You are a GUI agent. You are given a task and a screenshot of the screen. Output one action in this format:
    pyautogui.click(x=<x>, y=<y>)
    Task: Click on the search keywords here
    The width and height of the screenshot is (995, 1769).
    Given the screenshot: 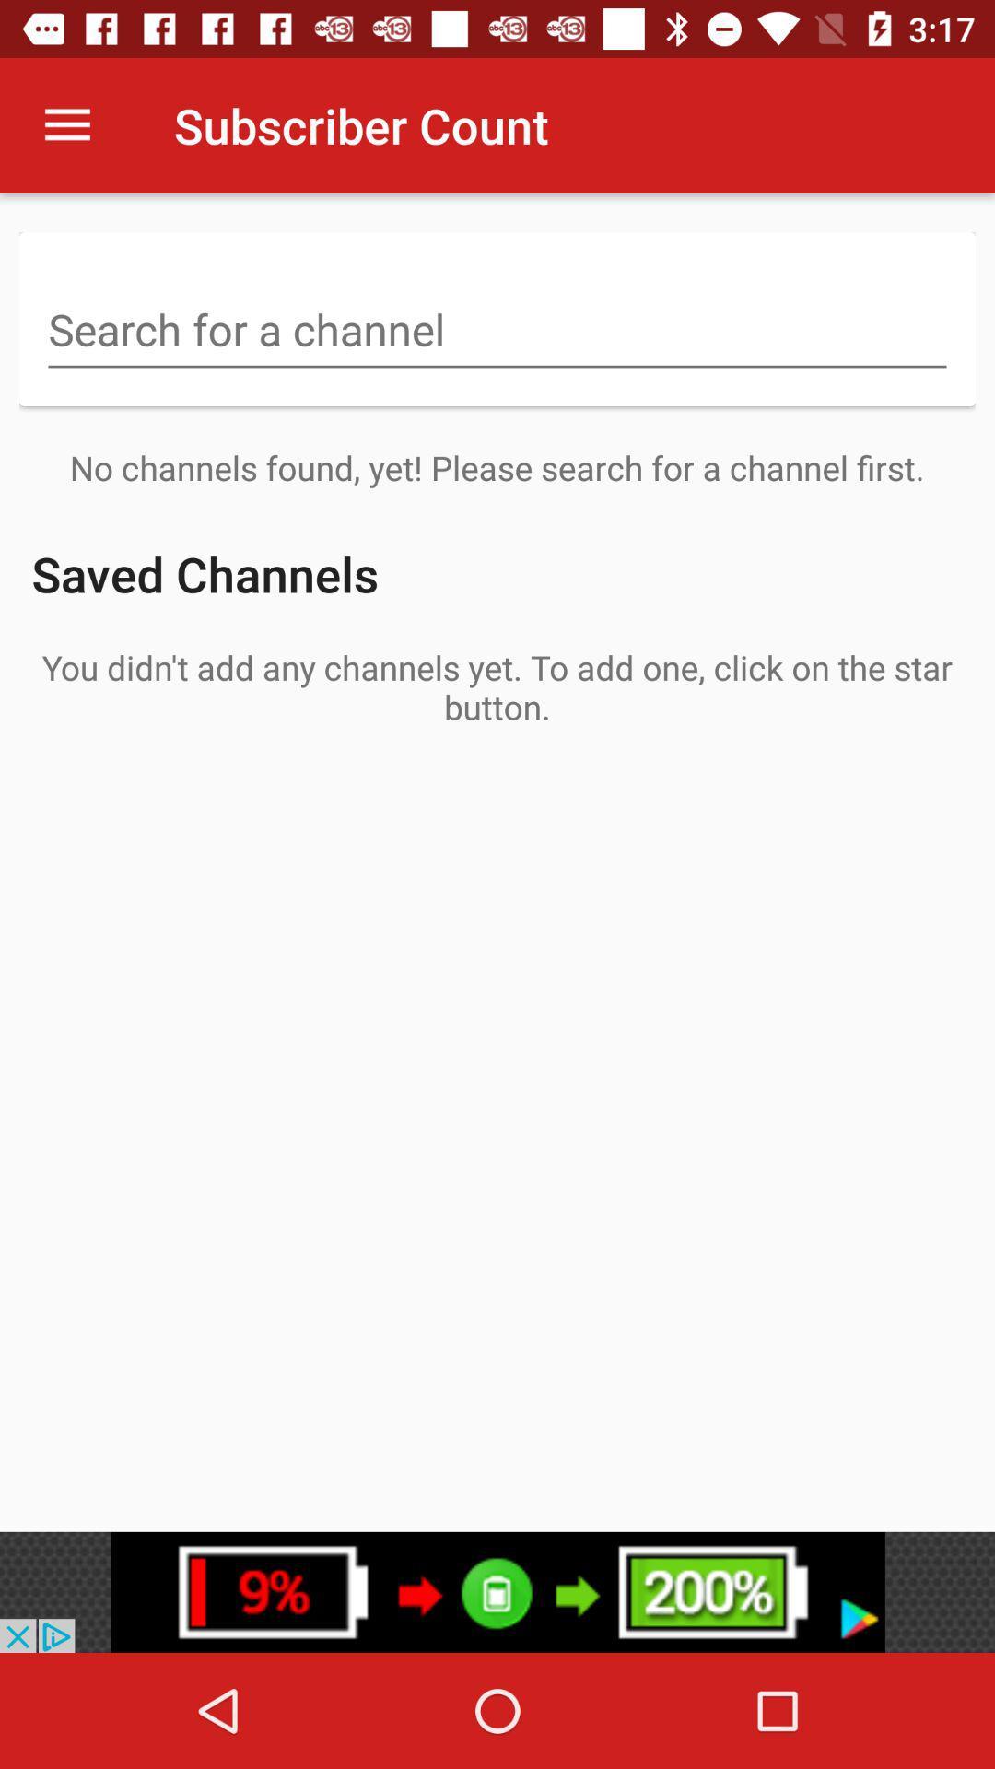 What is the action you would take?
    pyautogui.click(x=497, y=332)
    